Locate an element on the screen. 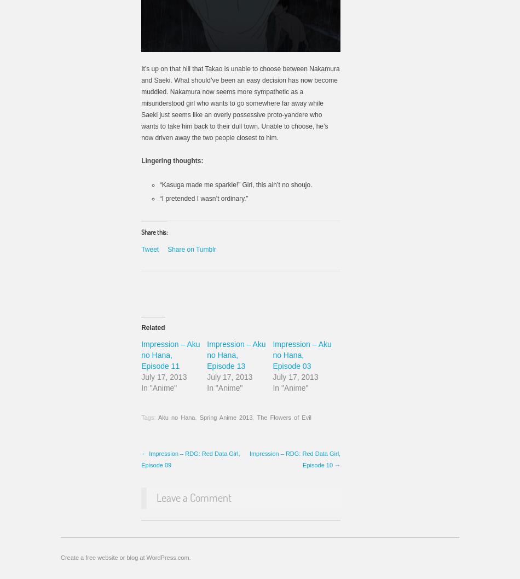 Image resolution: width=520 pixels, height=579 pixels. 'Post navigation' is located at coordinates (141, 458).